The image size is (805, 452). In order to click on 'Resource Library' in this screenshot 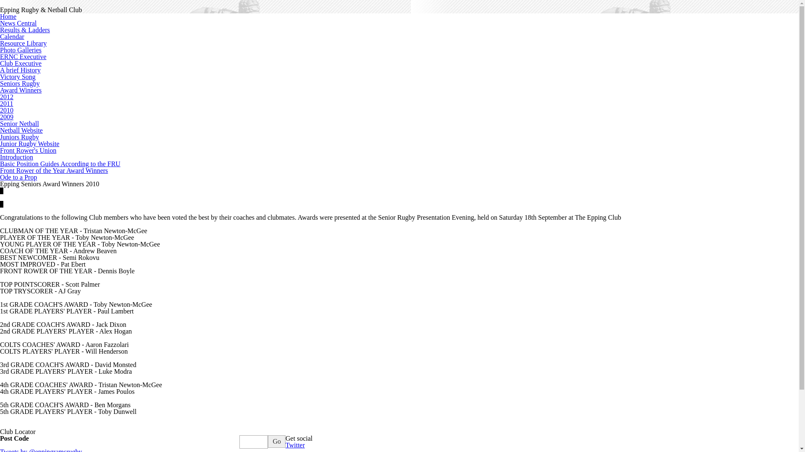, I will do `click(23, 43)`.